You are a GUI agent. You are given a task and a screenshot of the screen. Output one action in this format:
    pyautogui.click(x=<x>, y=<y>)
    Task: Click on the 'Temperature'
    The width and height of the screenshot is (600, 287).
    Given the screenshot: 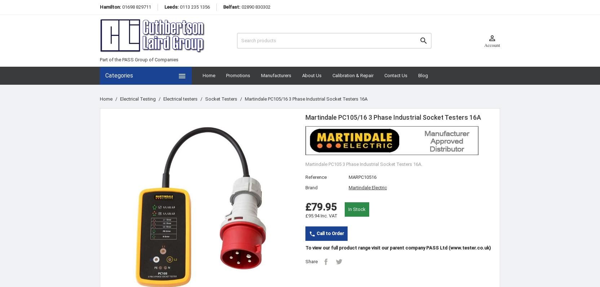 What is the action you would take?
    pyautogui.click(x=120, y=262)
    